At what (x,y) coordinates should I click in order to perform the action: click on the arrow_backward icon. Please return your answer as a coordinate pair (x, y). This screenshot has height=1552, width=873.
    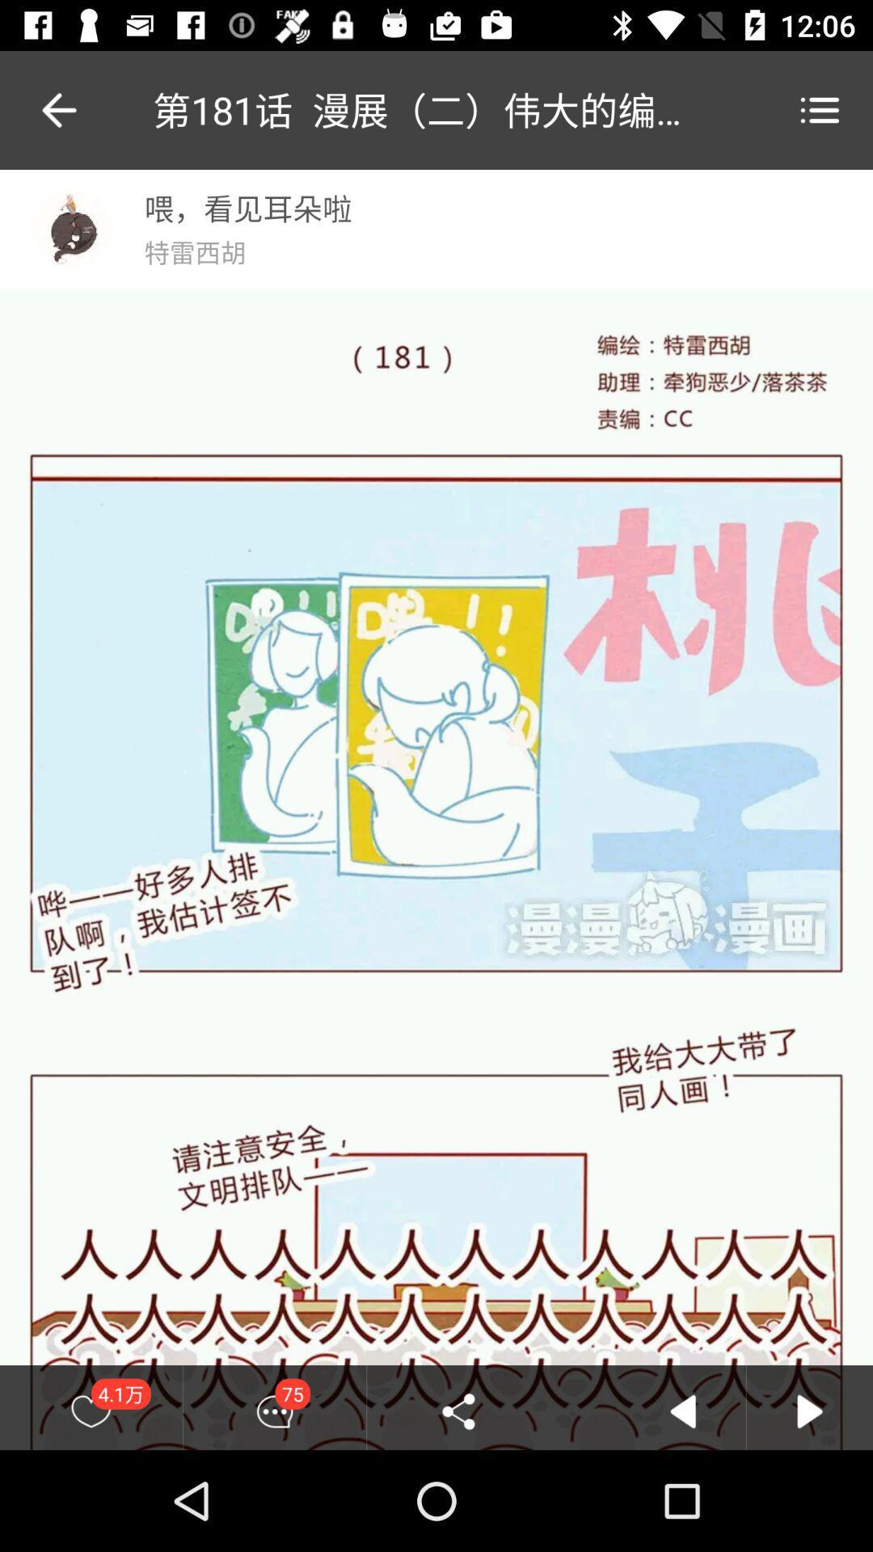
    Looking at the image, I should click on (41, 109).